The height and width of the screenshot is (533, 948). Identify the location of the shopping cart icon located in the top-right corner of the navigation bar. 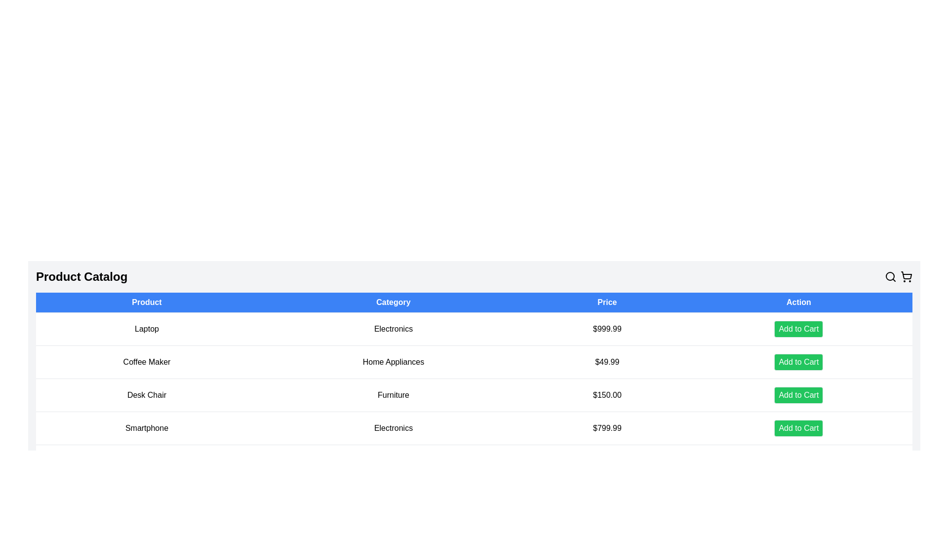
(907, 275).